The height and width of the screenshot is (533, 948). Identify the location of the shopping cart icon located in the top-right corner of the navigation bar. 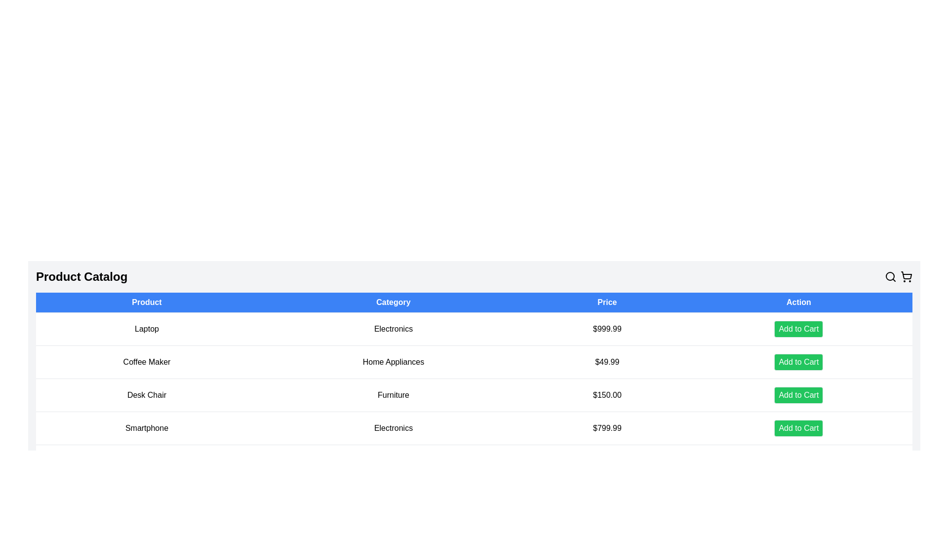
(907, 275).